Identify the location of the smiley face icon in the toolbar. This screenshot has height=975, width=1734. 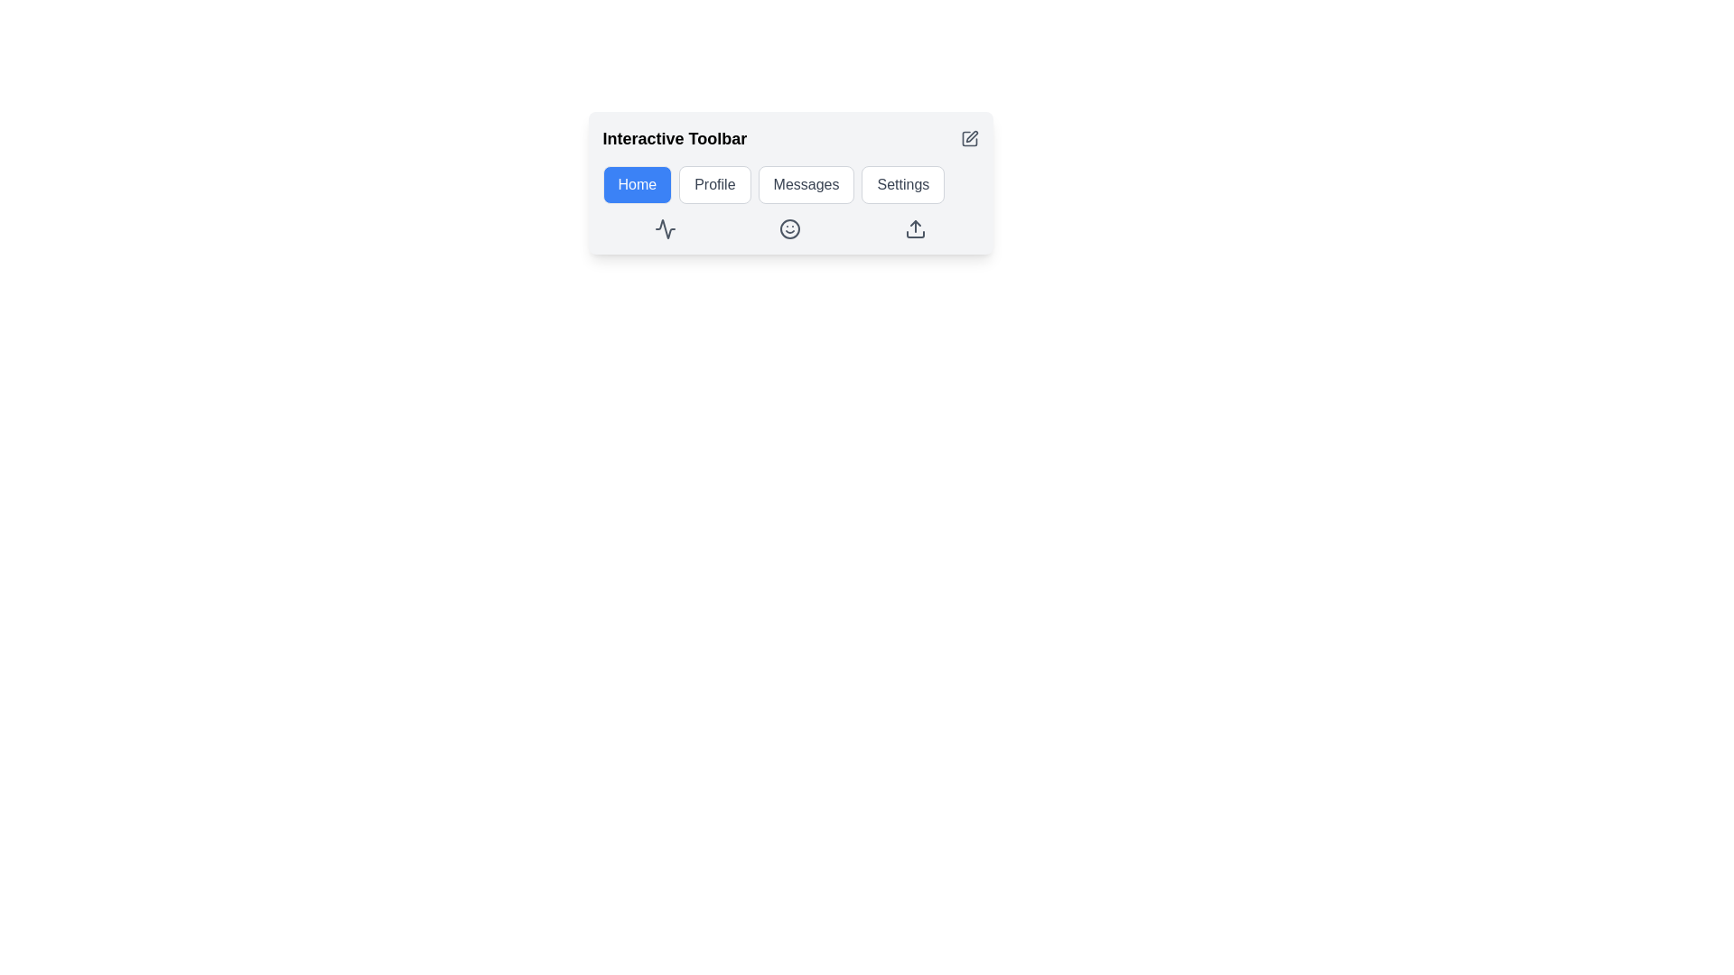
(790, 228).